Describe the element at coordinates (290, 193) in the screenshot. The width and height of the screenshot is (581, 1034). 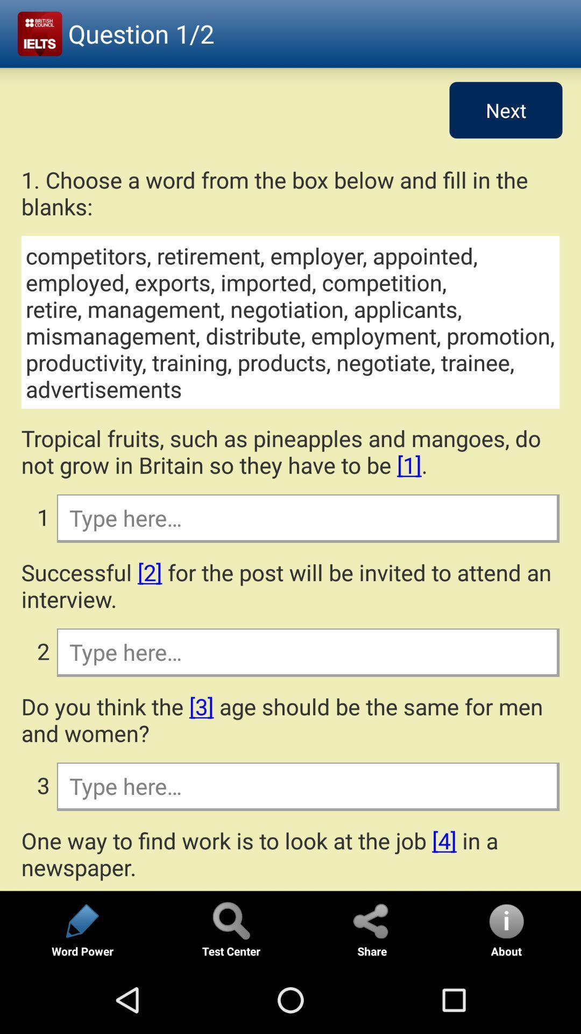
I see `the item above competitors retirement employer` at that location.